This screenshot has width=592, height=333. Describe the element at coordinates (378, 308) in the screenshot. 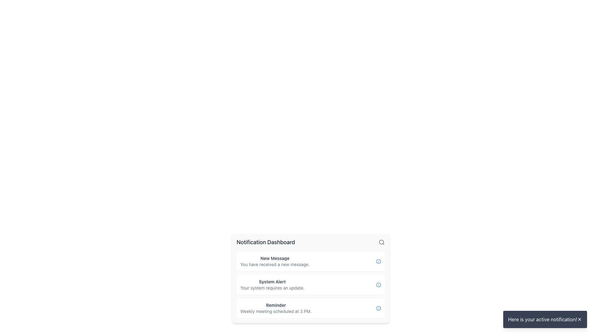

I see `the SVG graphical element representing the 'info' icon located in the third row of the notifications list, adjacent to the 'Reminder' label` at that location.